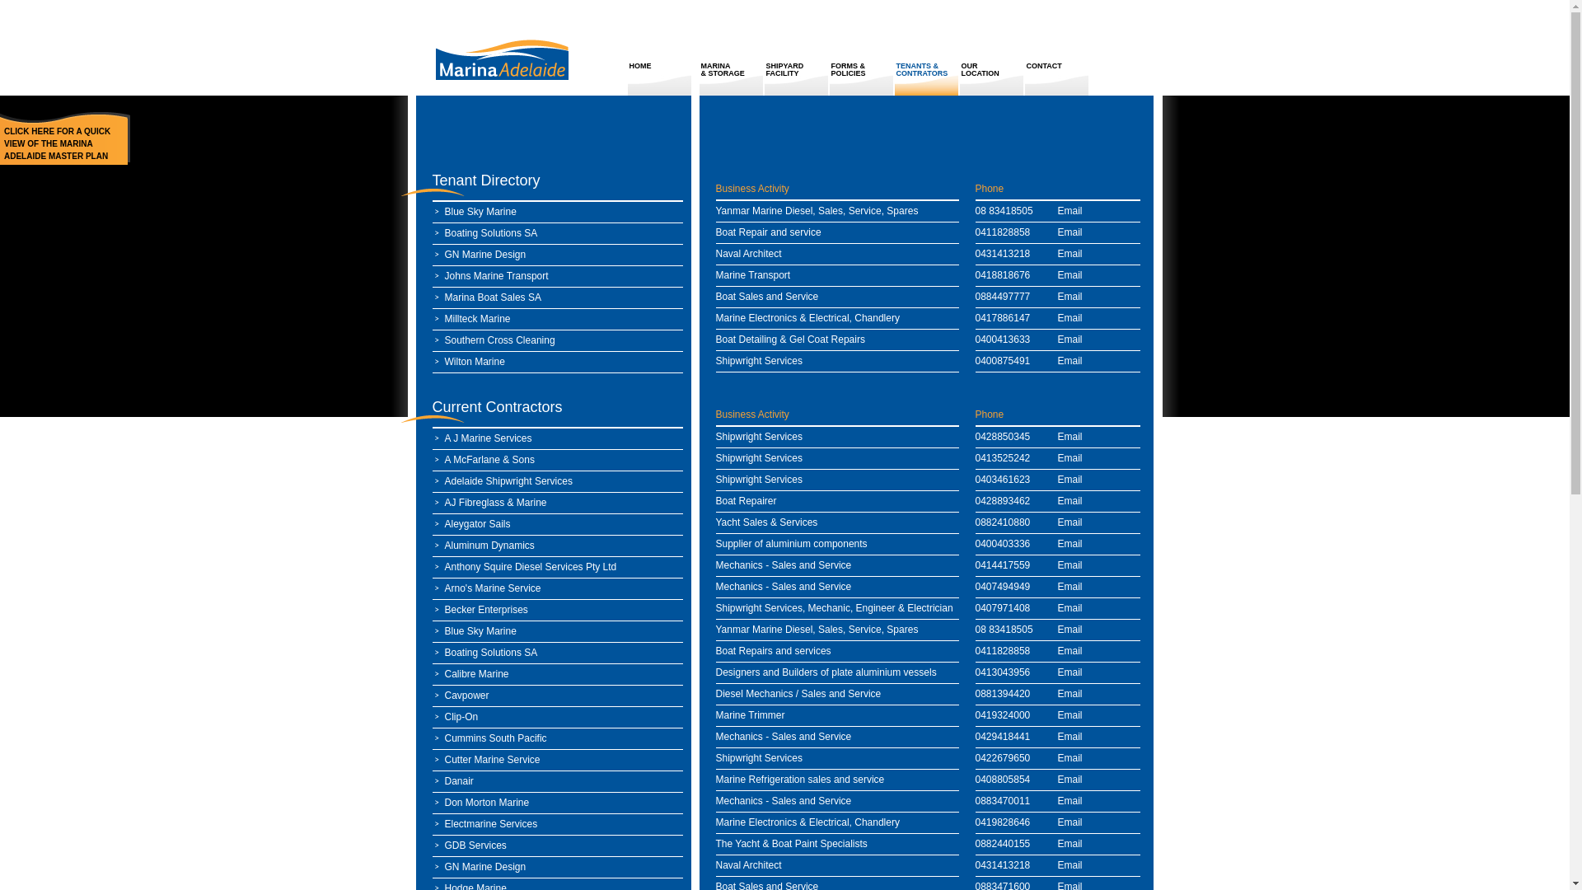 The width and height of the screenshot is (1582, 890). Describe the element at coordinates (1070, 714) in the screenshot. I see `'Email'` at that location.